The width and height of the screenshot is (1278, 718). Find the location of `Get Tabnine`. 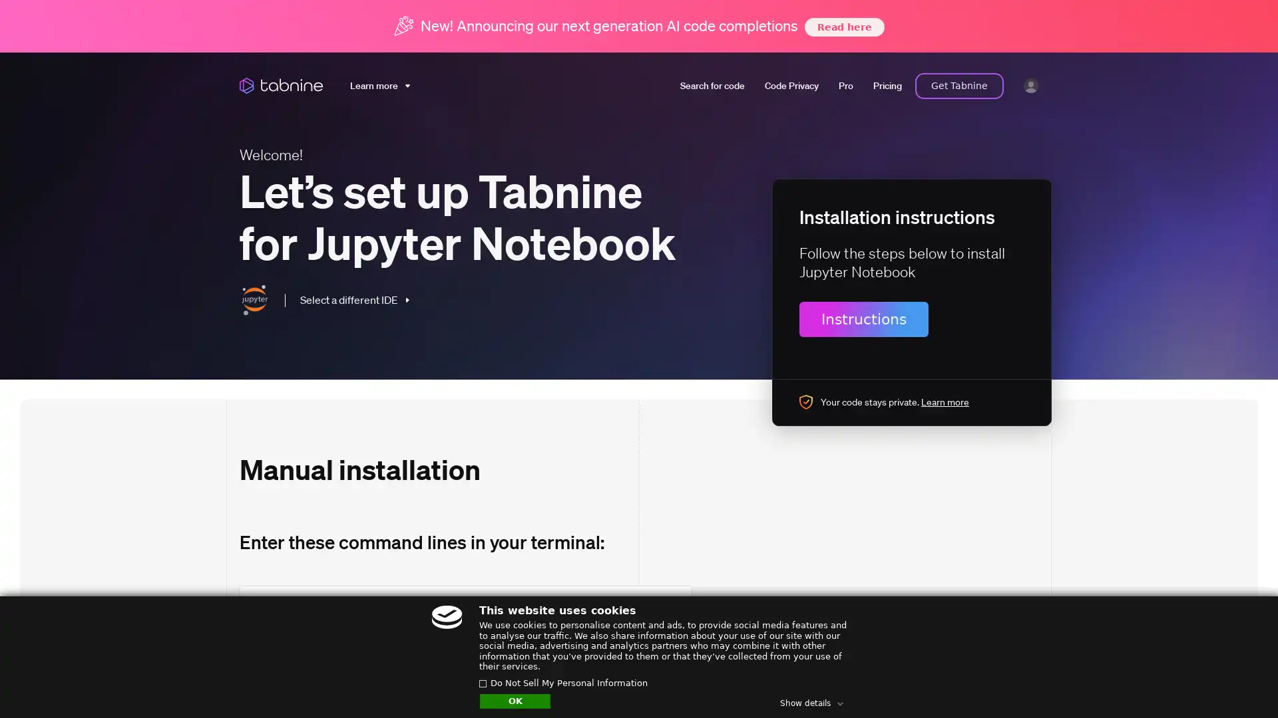

Get Tabnine is located at coordinates (959, 85).